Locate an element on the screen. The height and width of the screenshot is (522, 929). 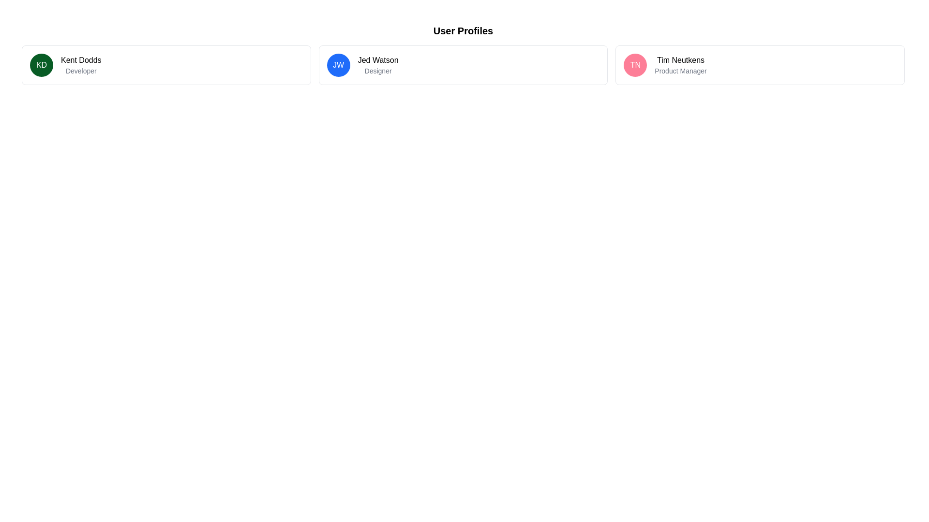
the text label displaying 'Tim Neutkens' which is located in the rightmost profile card, positioned above the smaller text 'Product Manager' is located at coordinates (680, 60).